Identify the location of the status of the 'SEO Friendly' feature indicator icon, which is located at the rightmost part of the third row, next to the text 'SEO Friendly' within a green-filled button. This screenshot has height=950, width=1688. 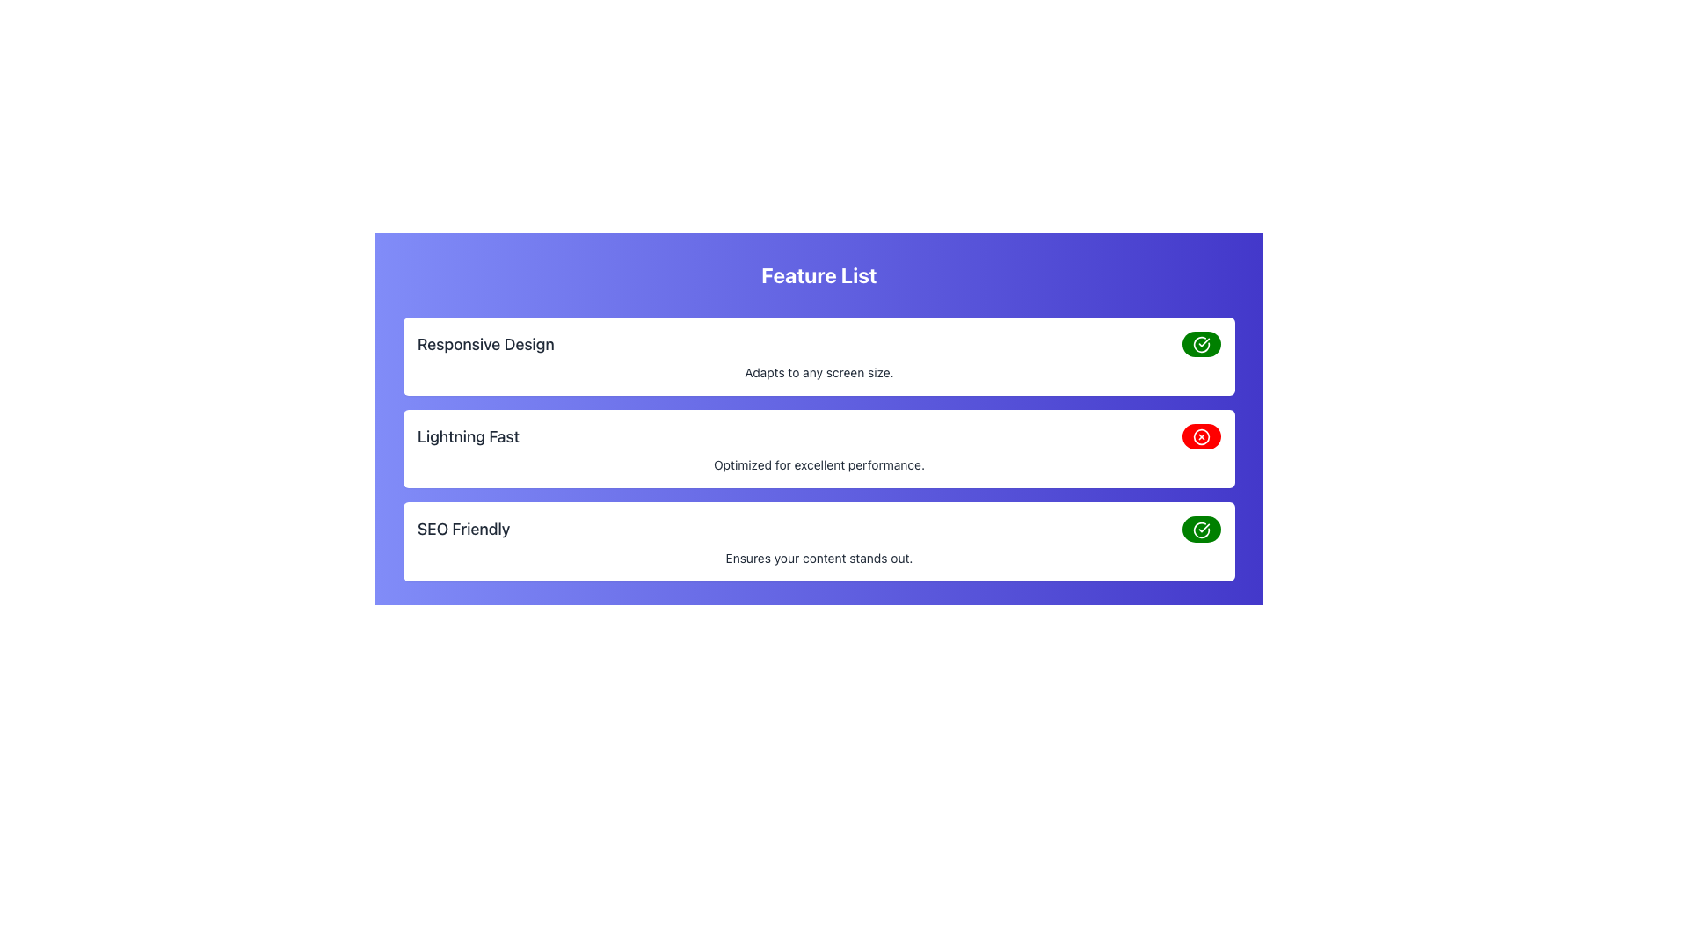
(1201, 528).